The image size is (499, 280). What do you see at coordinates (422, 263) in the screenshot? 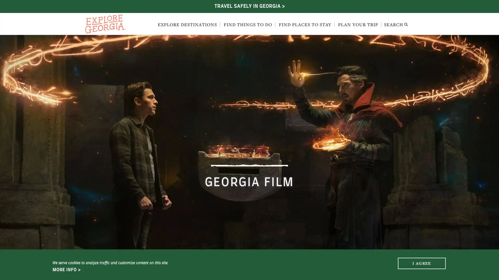
I see `I AGREE` at bounding box center [422, 263].